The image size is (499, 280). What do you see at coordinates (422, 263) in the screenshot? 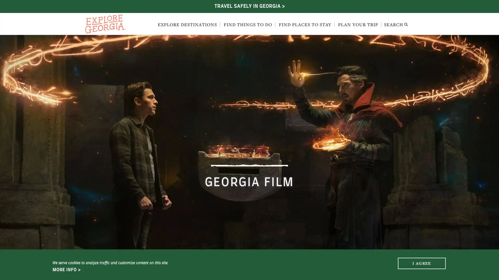
I see `I AGREE` at bounding box center [422, 263].